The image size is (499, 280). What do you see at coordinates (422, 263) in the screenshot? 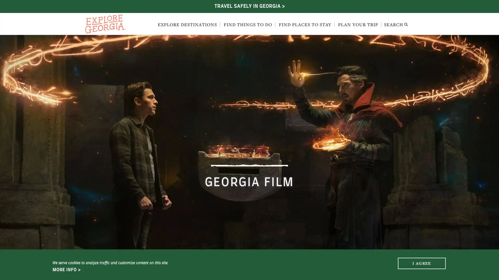
I see `I AGREE` at bounding box center [422, 263].